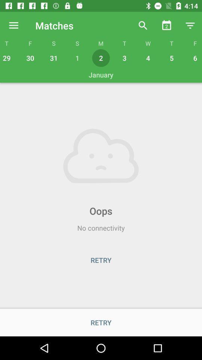 The height and width of the screenshot is (360, 202). What do you see at coordinates (13, 25) in the screenshot?
I see `the icon above t` at bounding box center [13, 25].